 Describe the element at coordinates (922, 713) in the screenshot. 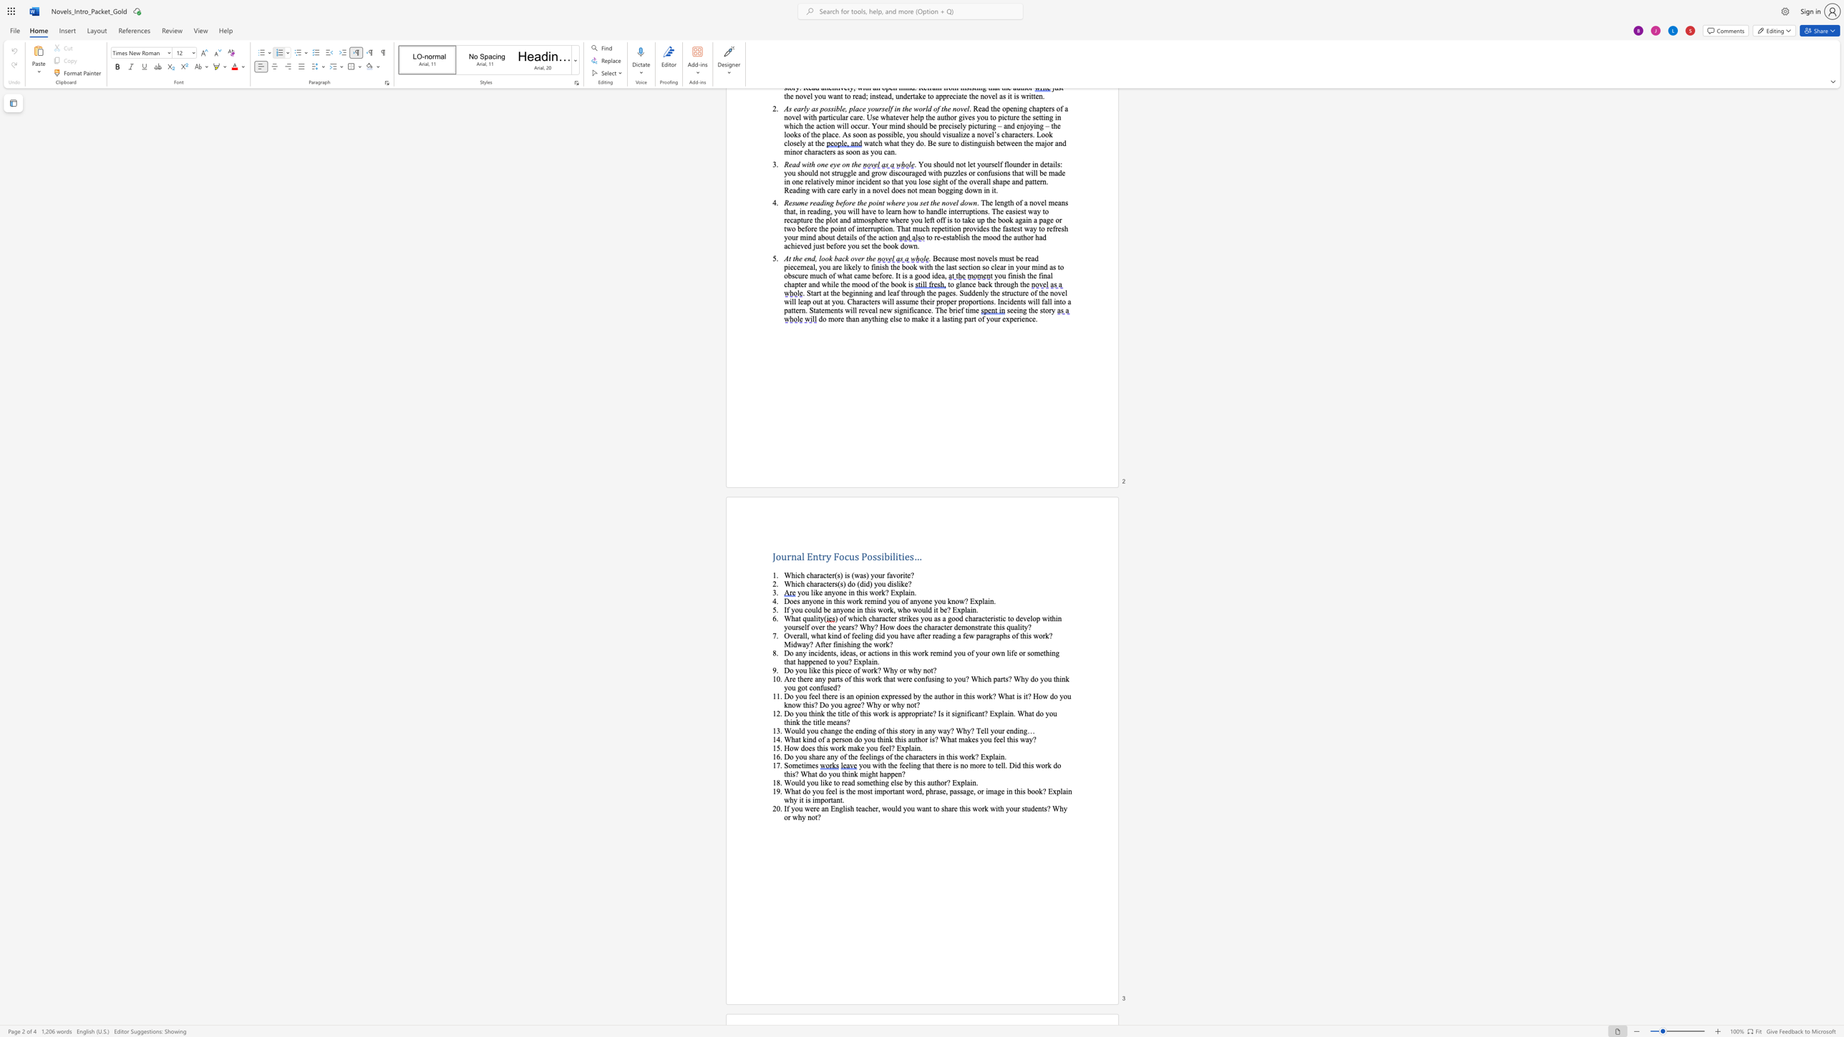

I see `the 1th character "i" in the text` at that location.